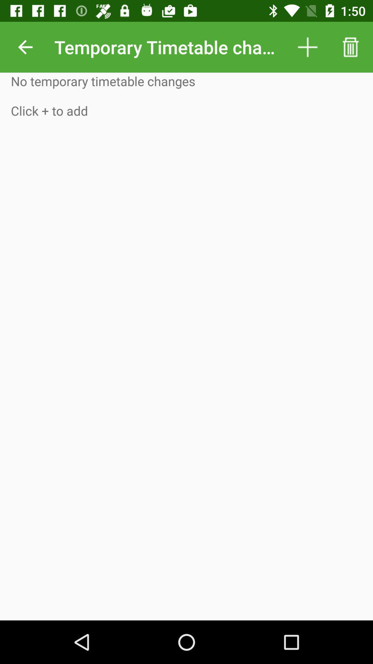 The image size is (373, 664). Describe the element at coordinates (25, 47) in the screenshot. I see `the item above no temporary timetable` at that location.